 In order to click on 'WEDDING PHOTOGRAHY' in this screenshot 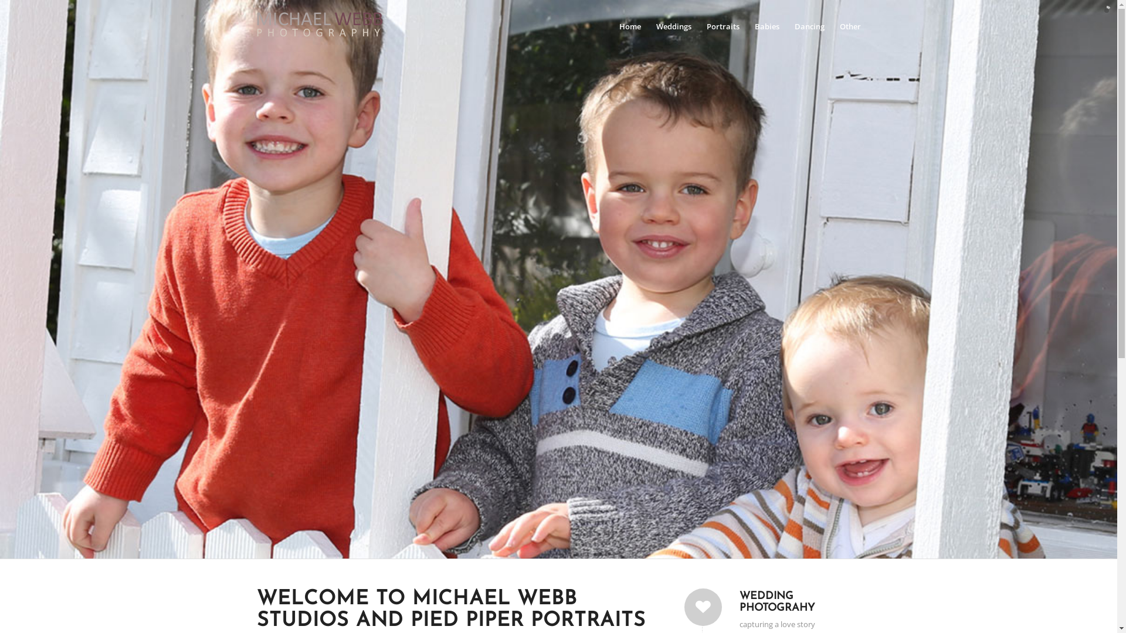, I will do `click(776, 602)`.